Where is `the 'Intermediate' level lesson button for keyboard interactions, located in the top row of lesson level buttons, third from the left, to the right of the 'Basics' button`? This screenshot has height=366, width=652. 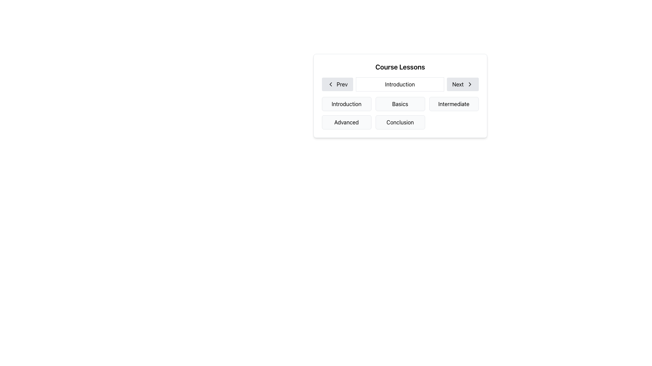 the 'Intermediate' level lesson button for keyboard interactions, located in the top row of lesson level buttons, third from the left, to the right of the 'Basics' button is located at coordinates (454, 104).